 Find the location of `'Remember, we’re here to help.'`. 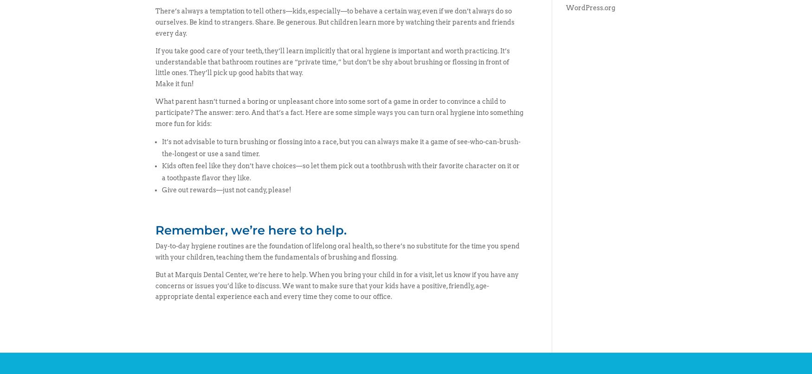

'Remember, we’re here to help.' is located at coordinates (250, 230).